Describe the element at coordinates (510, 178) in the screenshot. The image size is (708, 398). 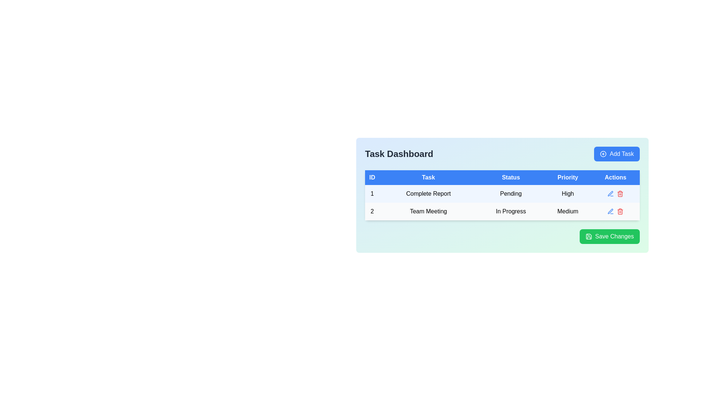
I see `the 'Status' text label, which is displayed in white within a blue box, located in the header row of a table between 'Task' and 'Priority' columns` at that location.